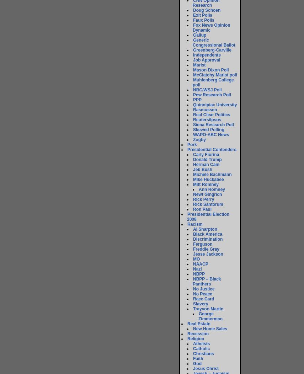  What do you see at coordinates (200, 303) in the screenshot?
I see `'Slavery'` at bounding box center [200, 303].